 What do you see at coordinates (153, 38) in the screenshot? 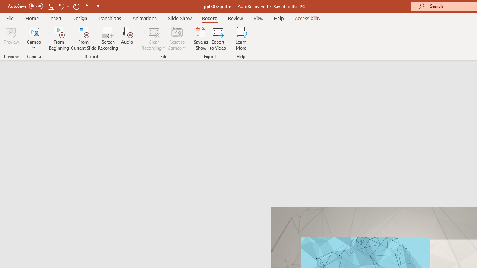
I see `'Clear Recording'` at bounding box center [153, 38].